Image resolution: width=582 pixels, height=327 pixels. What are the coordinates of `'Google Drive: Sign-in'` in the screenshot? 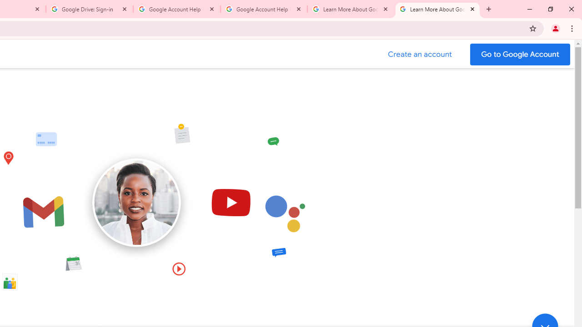 It's located at (90, 9).